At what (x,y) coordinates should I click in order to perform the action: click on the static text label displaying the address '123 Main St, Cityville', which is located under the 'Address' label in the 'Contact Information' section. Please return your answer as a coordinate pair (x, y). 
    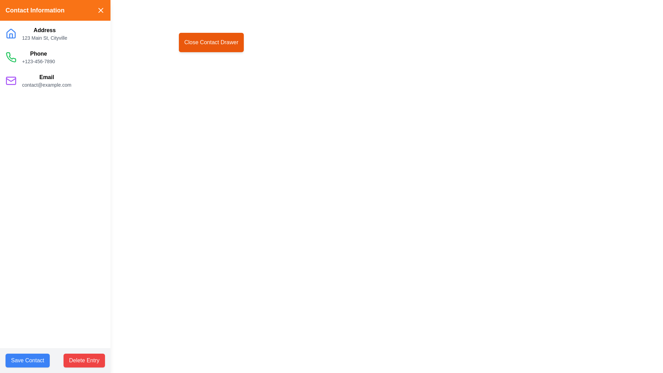
    Looking at the image, I should click on (44, 38).